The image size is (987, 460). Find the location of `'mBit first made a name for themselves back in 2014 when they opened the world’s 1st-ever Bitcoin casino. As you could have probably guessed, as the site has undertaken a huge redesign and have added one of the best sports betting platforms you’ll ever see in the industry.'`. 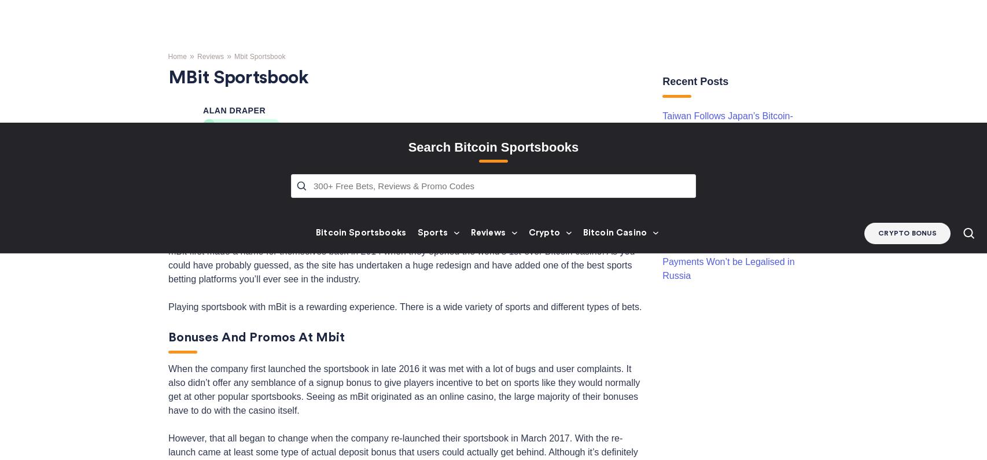

'mBit first made a name for themselves back in 2014 when they opened the world’s 1st-ever Bitcoin casino. As you could have probably guessed, as the site has undertaken a huge redesign and have added one of the best sports betting platforms you’ll ever see in the industry.' is located at coordinates (168, 51).